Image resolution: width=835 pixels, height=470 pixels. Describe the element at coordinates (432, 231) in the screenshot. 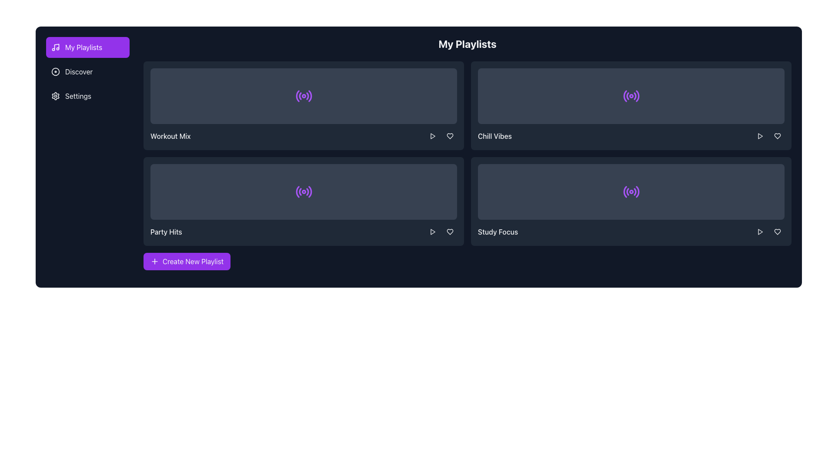

I see `the circular play button with a triangular play icon located in the lower section of the 'Party Hits' playlist item` at that location.